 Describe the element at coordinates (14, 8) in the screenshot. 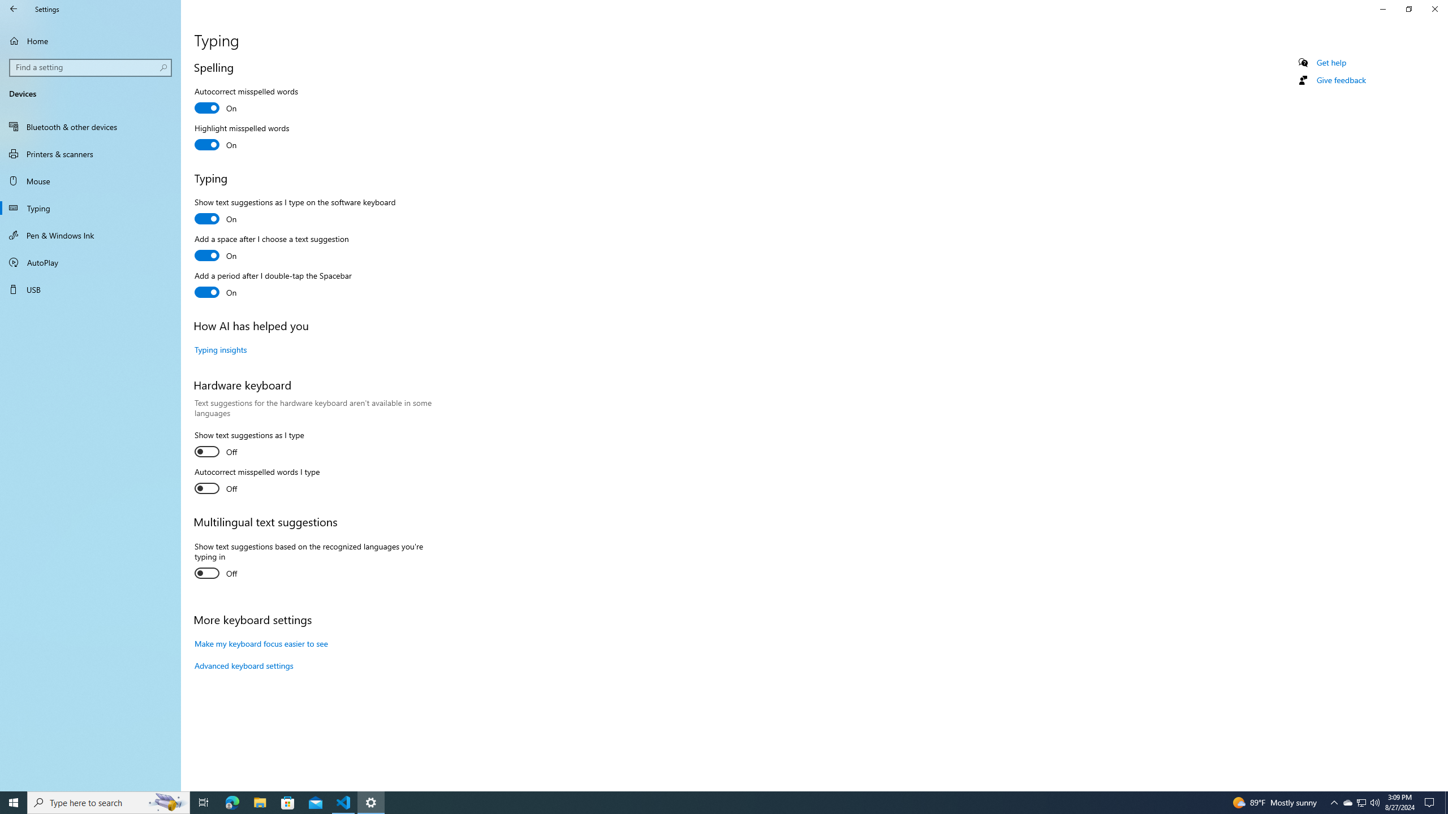

I see `'Back'` at that location.